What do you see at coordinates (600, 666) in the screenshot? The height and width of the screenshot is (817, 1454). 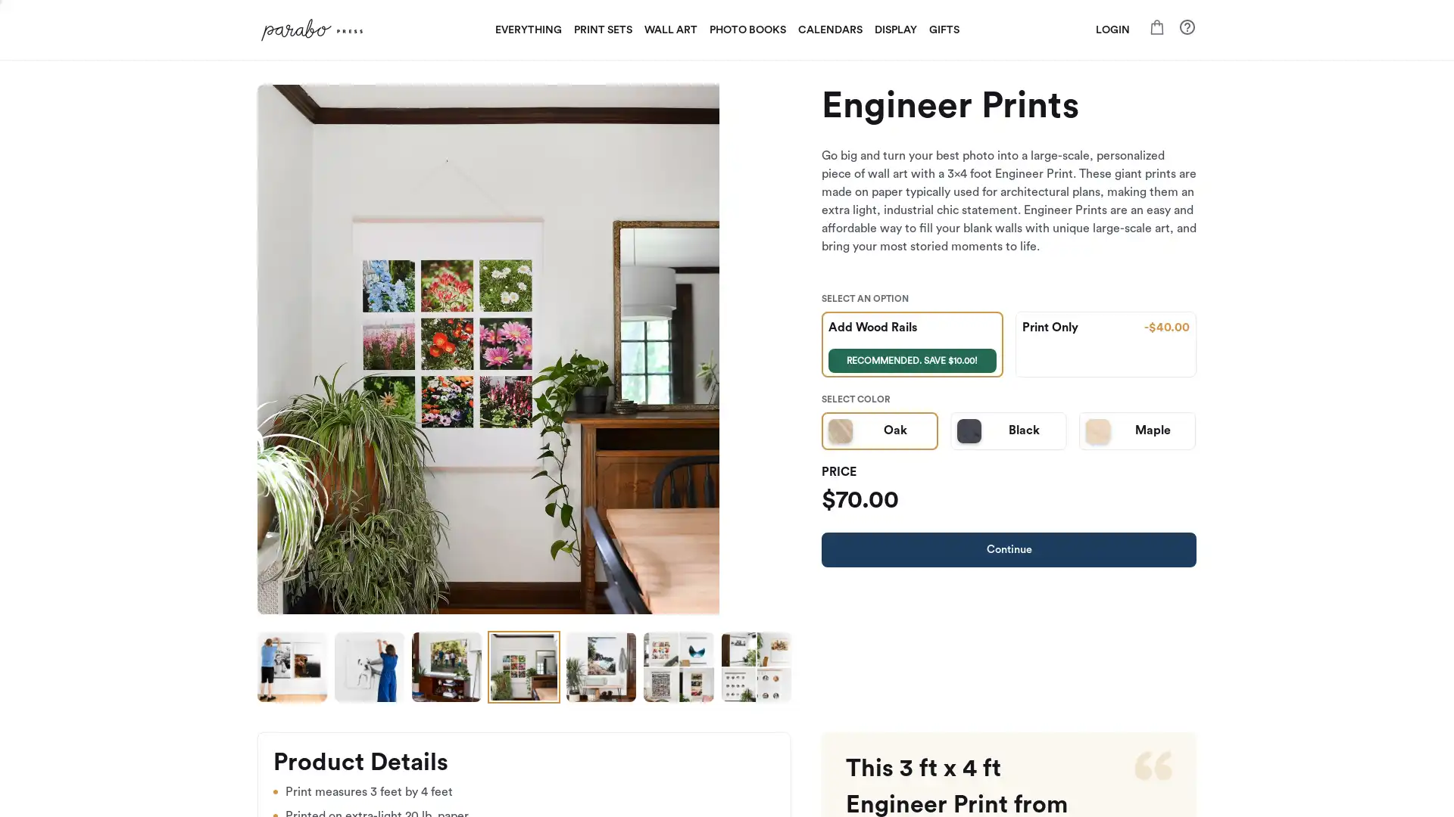 I see `slide dot` at bounding box center [600, 666].